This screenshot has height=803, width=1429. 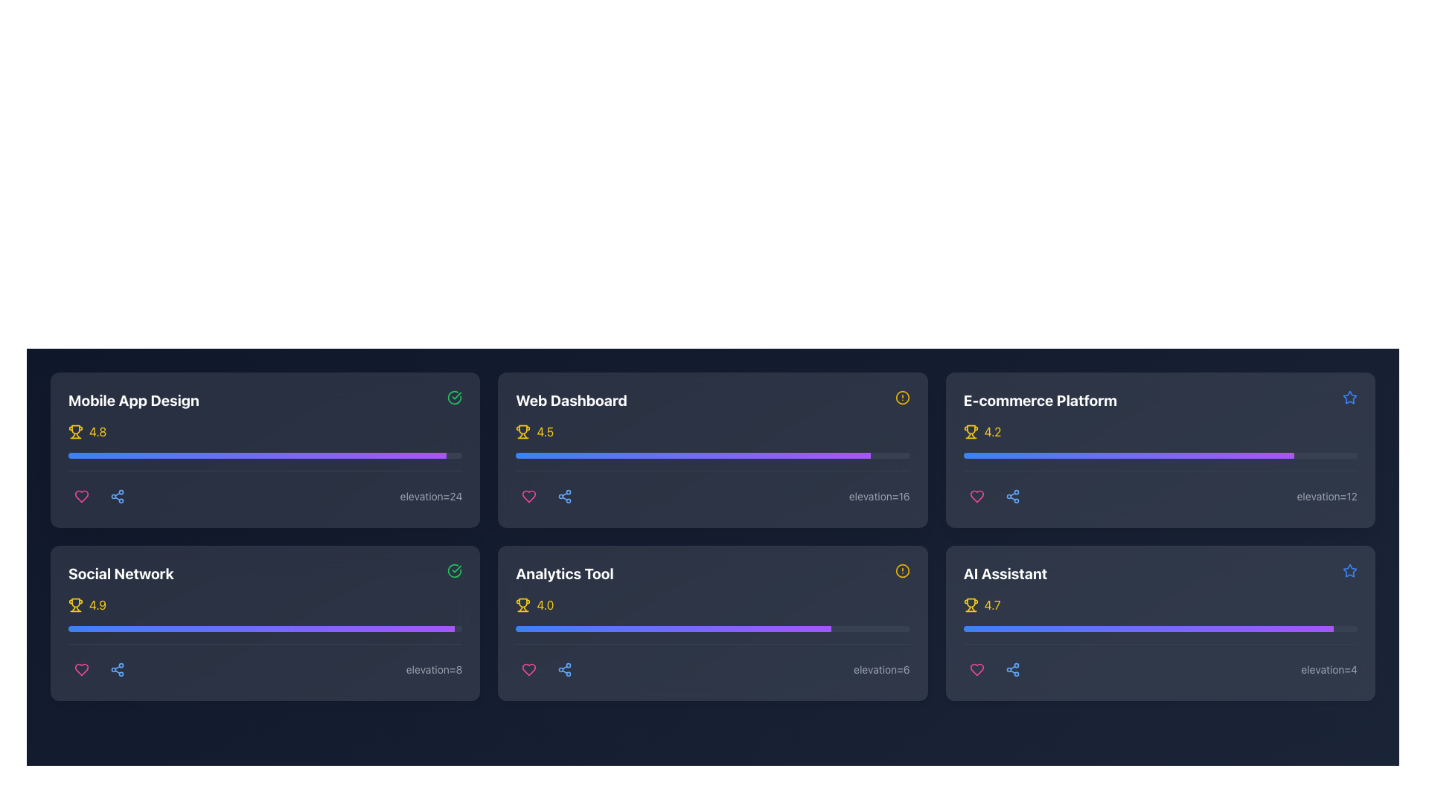 I want to click on the SVG Icon located in the lower portion of the 'Mobile App Design' card, positioned slightly to the right of center and directly under the rating bar, so click(x=117, y=496).